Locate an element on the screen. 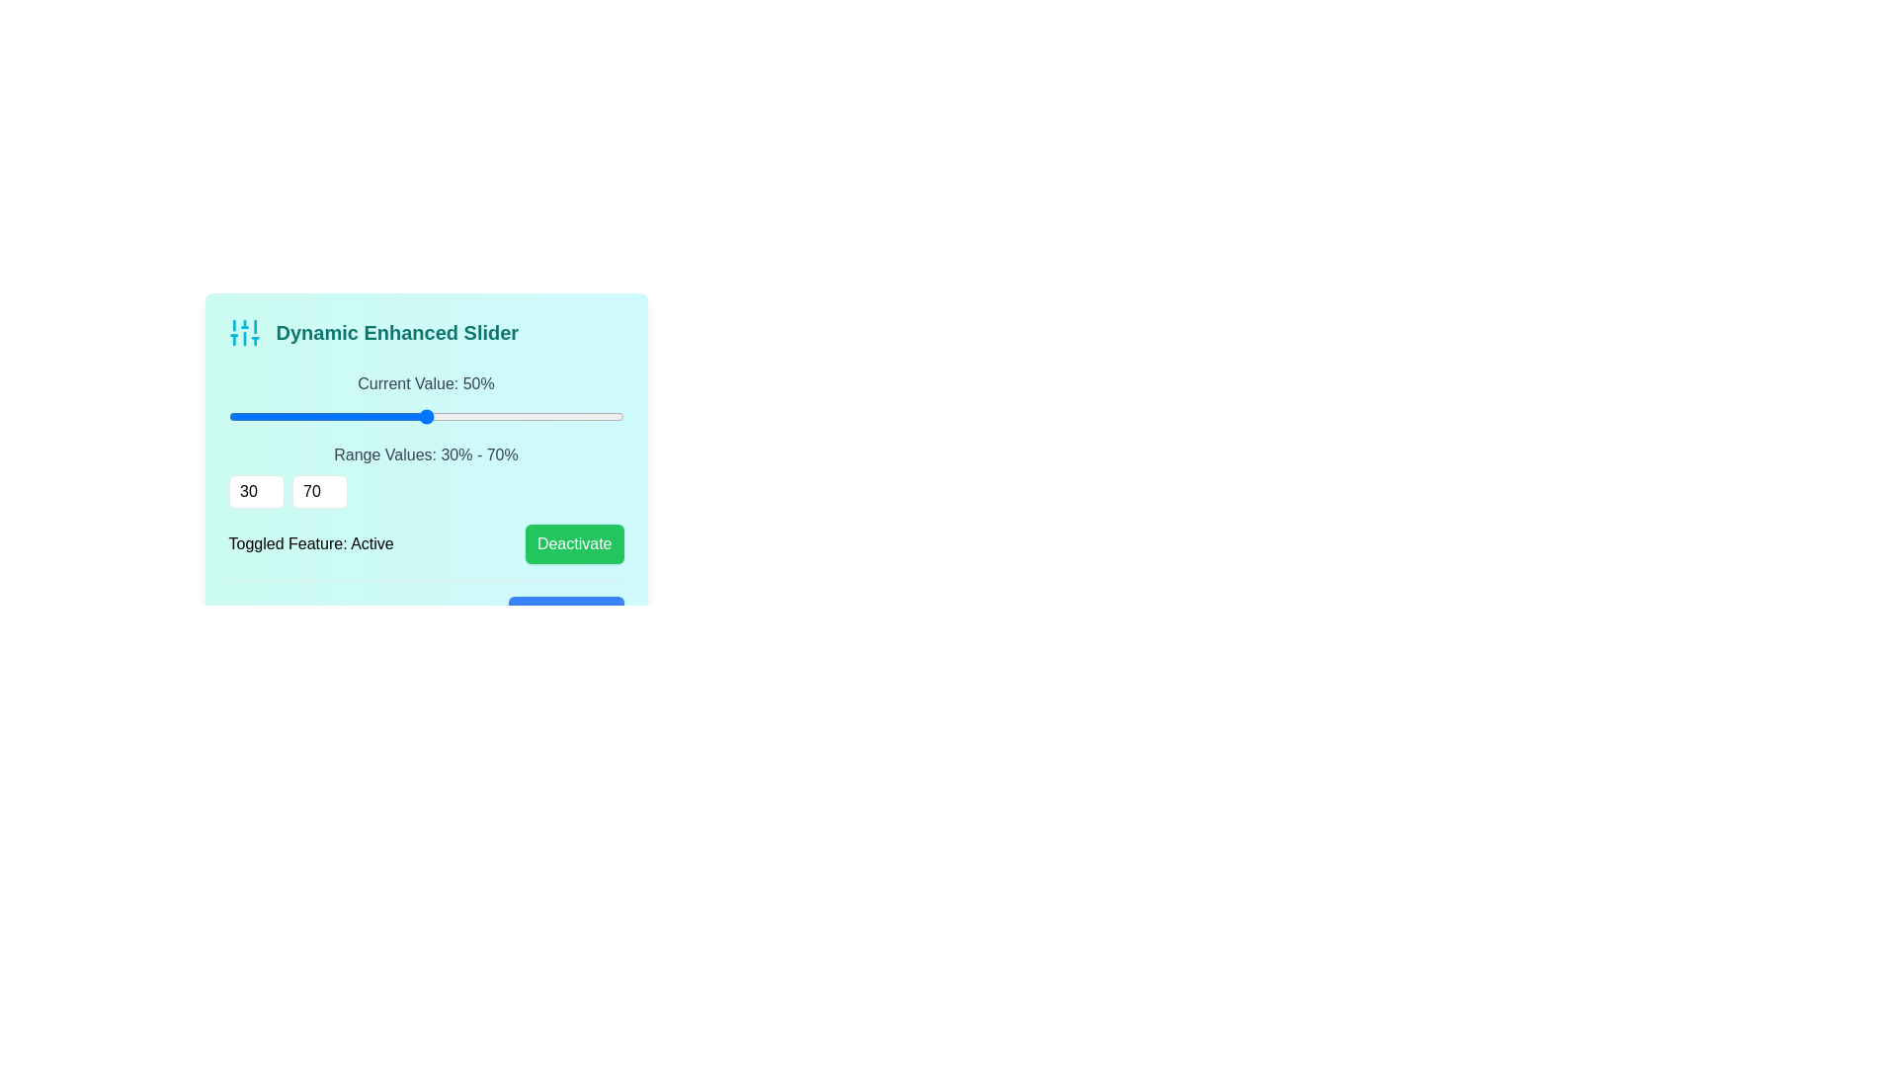  the slider is located at coordinates (425, 415).